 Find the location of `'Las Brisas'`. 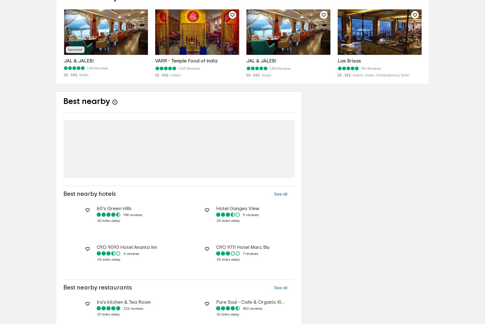

'Las Brisas' is located at coordinates (349, 61).